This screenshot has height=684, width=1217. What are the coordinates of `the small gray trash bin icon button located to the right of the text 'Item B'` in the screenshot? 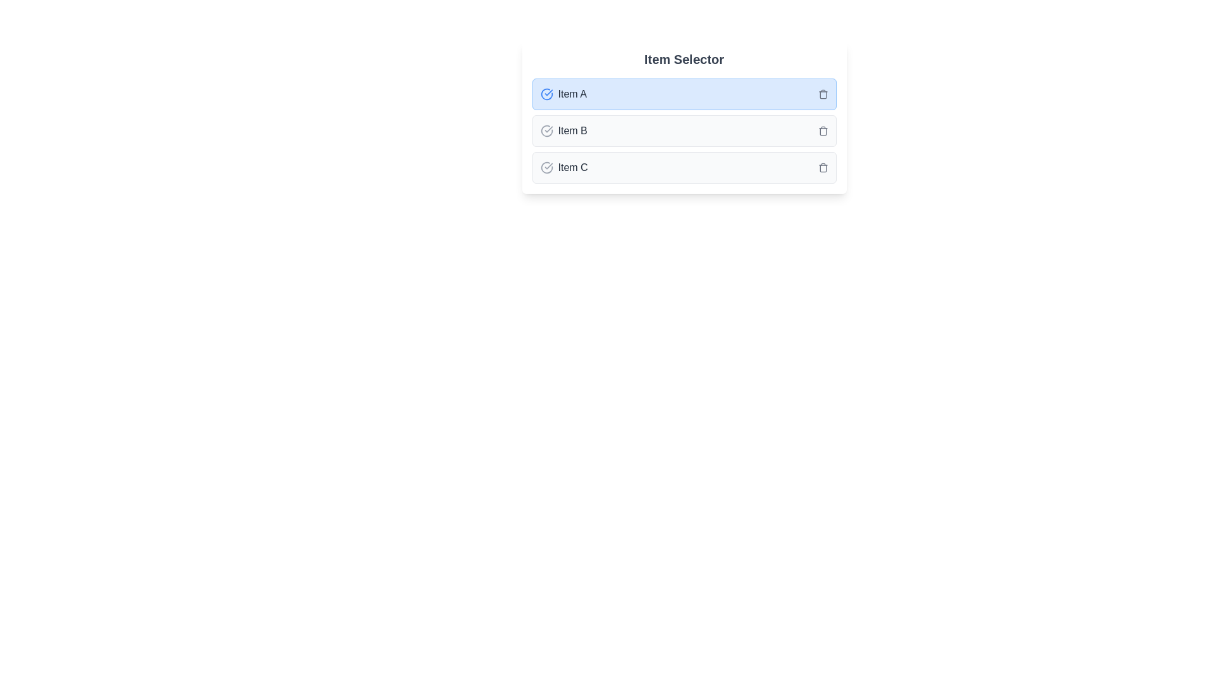 It's located at (823, 131).